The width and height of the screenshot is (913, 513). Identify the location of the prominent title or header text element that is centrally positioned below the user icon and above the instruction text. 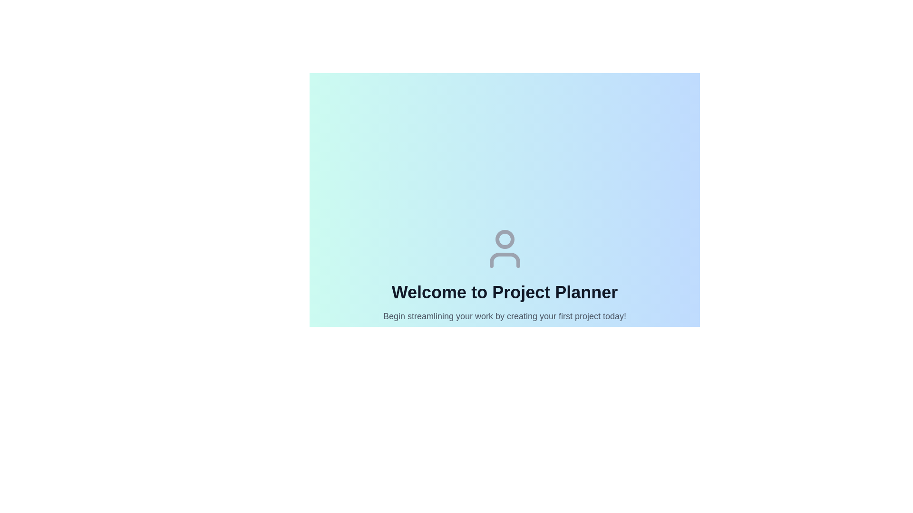
(504, 292).